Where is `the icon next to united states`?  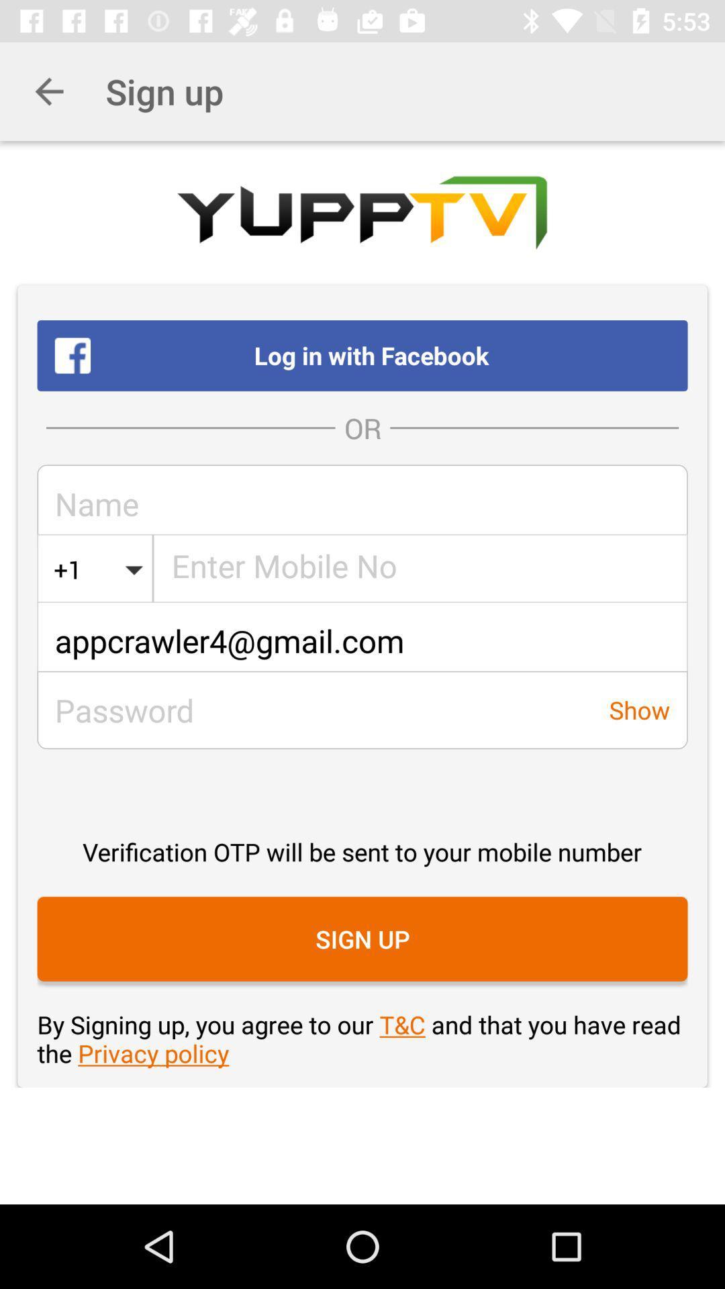
the icon next to united states is located at coordinates (68, 569).